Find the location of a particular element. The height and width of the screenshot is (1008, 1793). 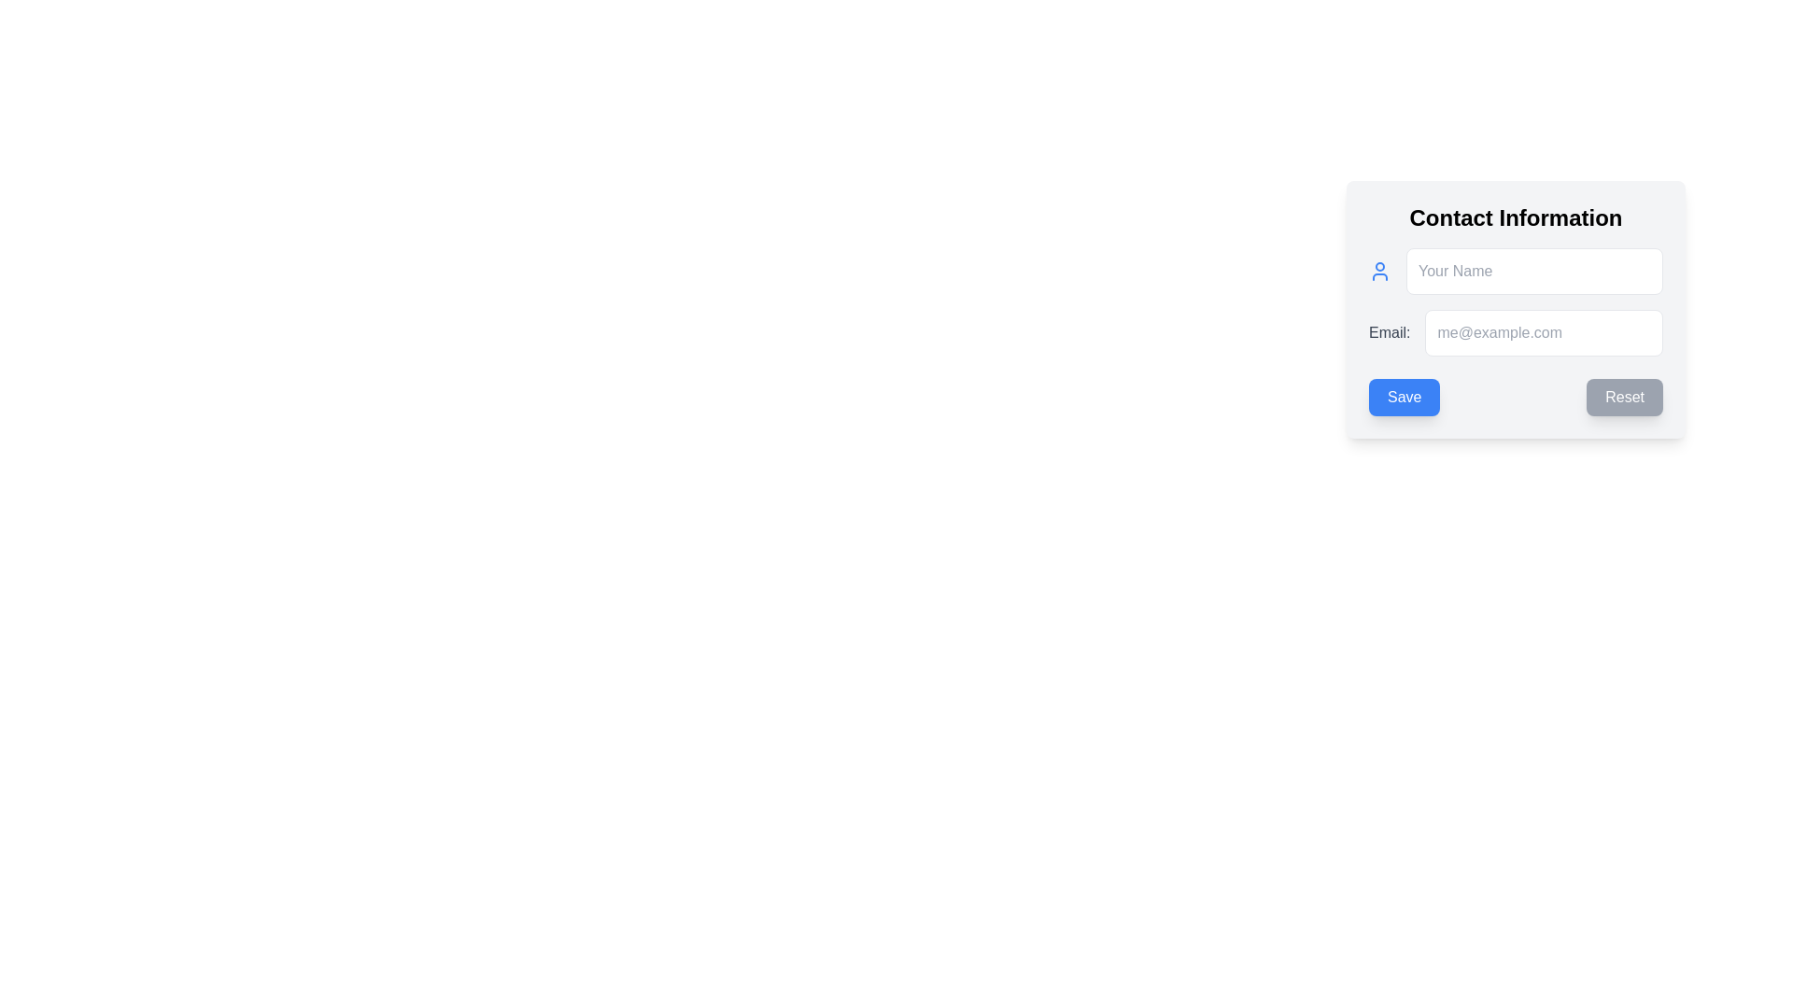

static text element that serves as a header indicating 'Contact Information', located at the top center of the card component is located at coordinates (1516, 217).